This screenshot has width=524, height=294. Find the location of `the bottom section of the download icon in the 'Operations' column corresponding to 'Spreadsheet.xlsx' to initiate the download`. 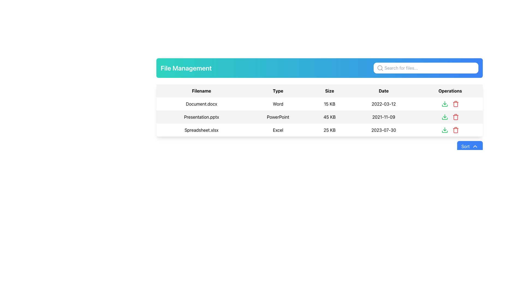

the bottom section of the download icon in the 'Operations' column corresponding to 'Spreadsheet.xlsx' to initiate the download is located at coordinates (445, 131).